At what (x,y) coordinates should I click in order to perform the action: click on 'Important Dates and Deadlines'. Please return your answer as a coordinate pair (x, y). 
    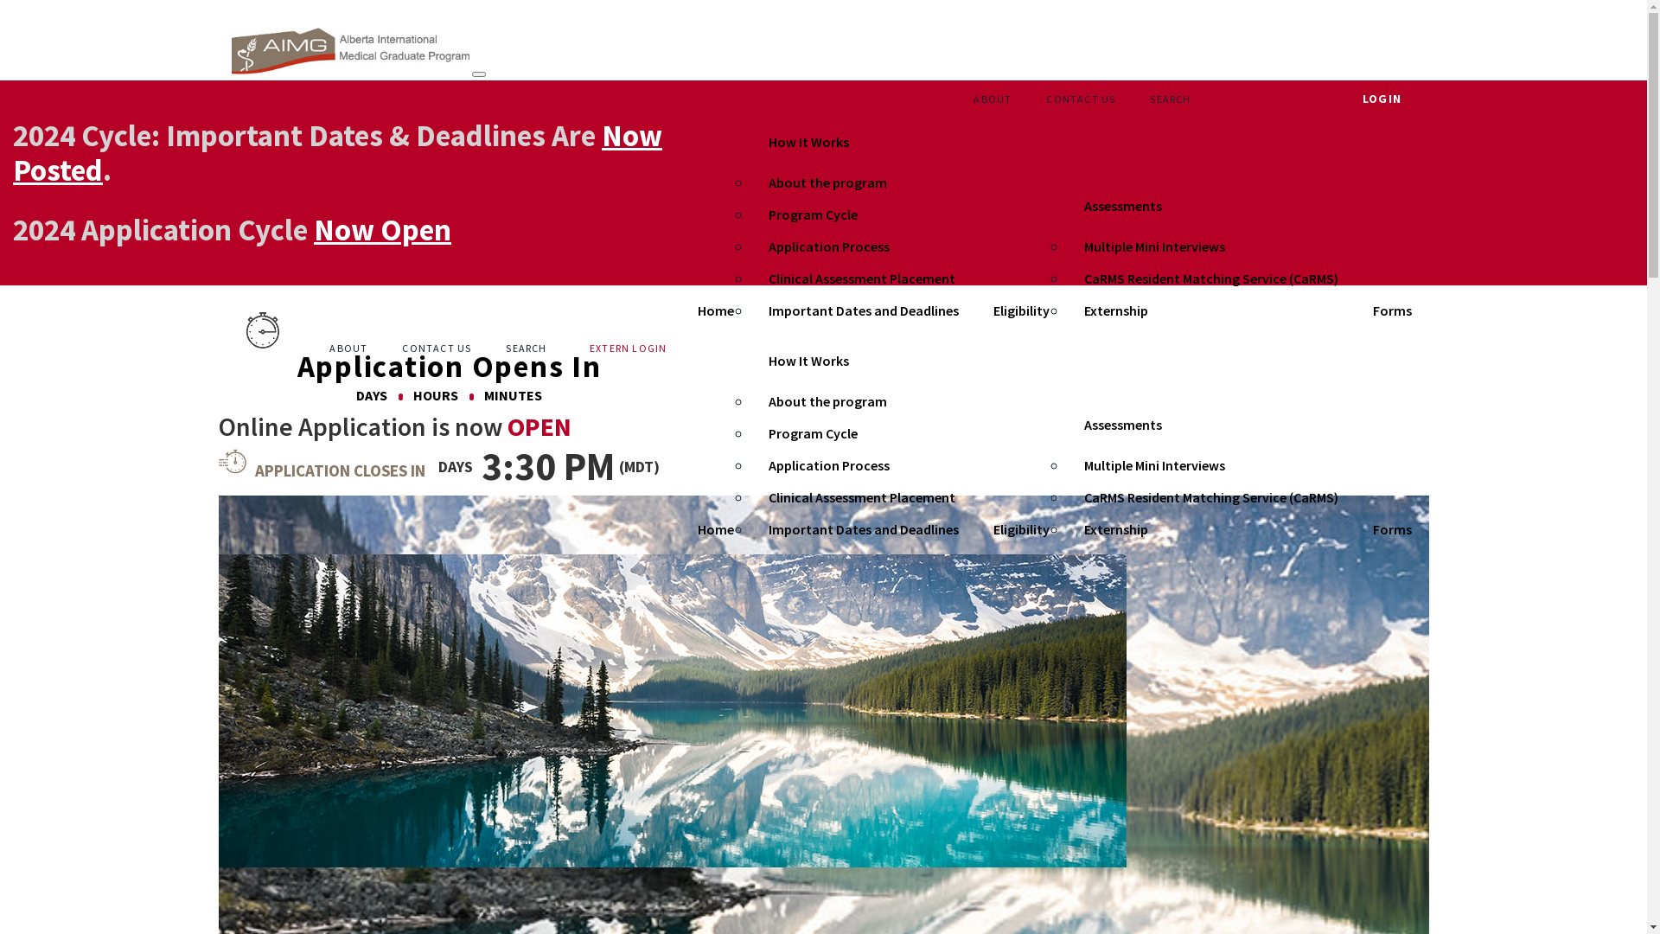
    Looking at the image, I should click on (863, 310).